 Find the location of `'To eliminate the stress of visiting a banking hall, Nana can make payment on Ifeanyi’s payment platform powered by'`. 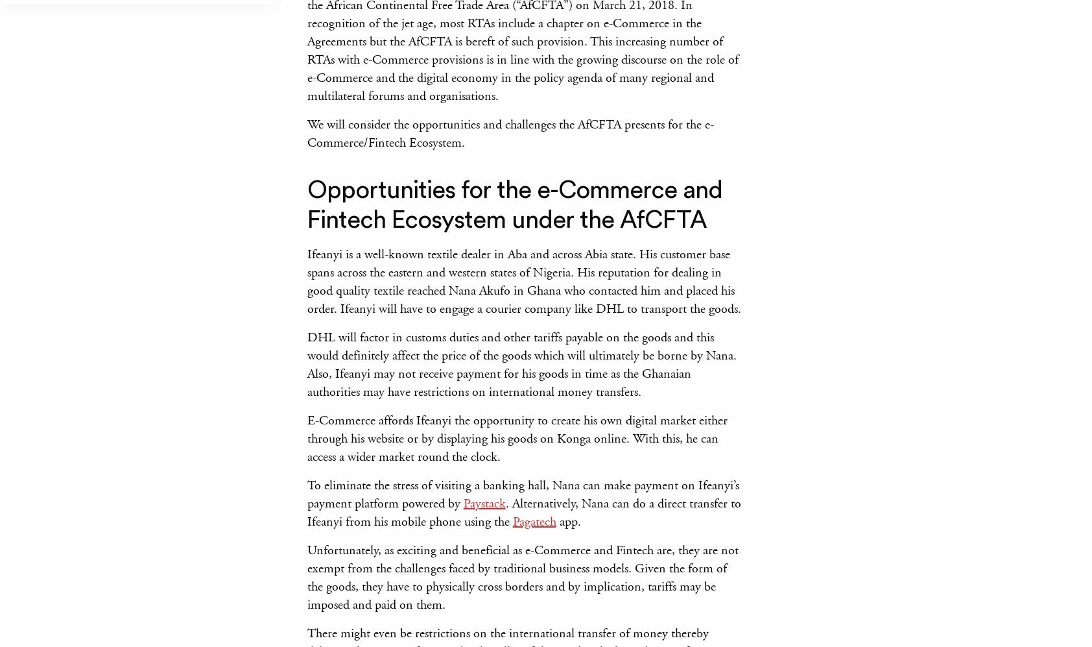

'To eliminate the stress of visiting a banking hall, Nana can make payment on Ifeanyi’s payment platform powered by' is located at coordinates (522, 494).